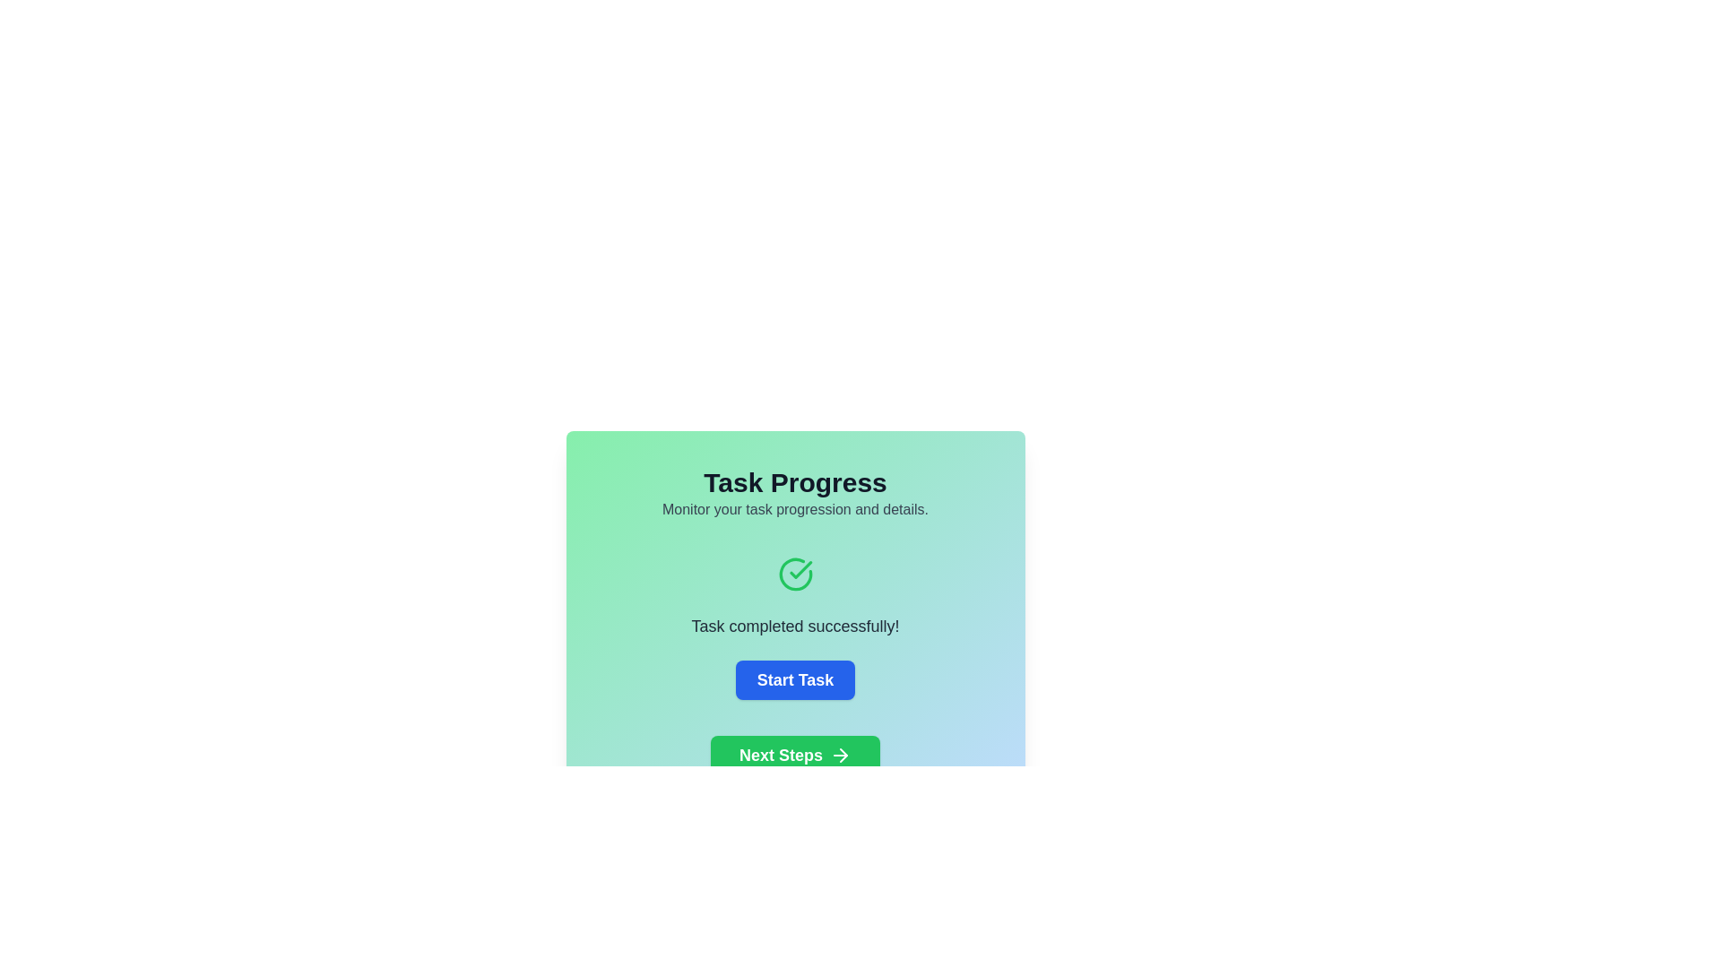  I want to click on the 'Next Steps' text label, so click(781, 756).